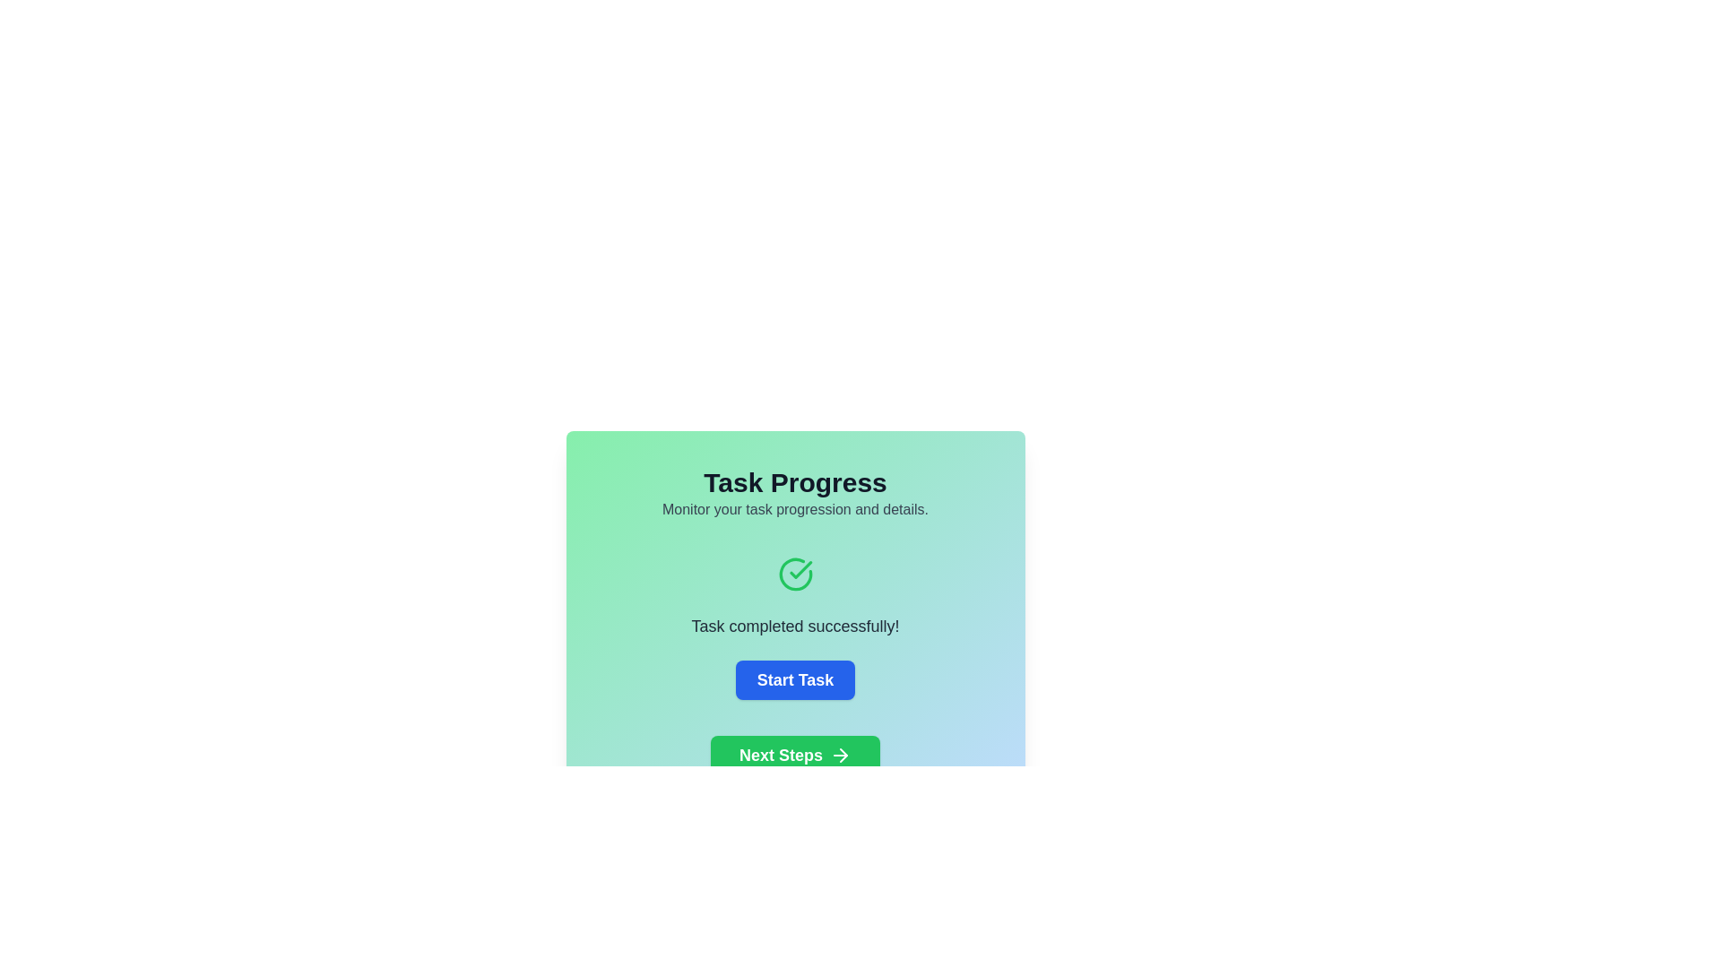  I want to click on the 'Next Steps' text label, so click(781, 756).